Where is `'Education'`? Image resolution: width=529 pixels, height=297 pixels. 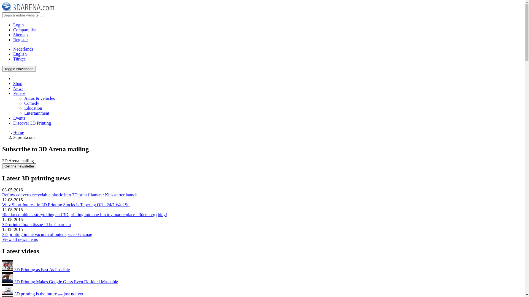
'Education' is located at coordinates (33, 108).